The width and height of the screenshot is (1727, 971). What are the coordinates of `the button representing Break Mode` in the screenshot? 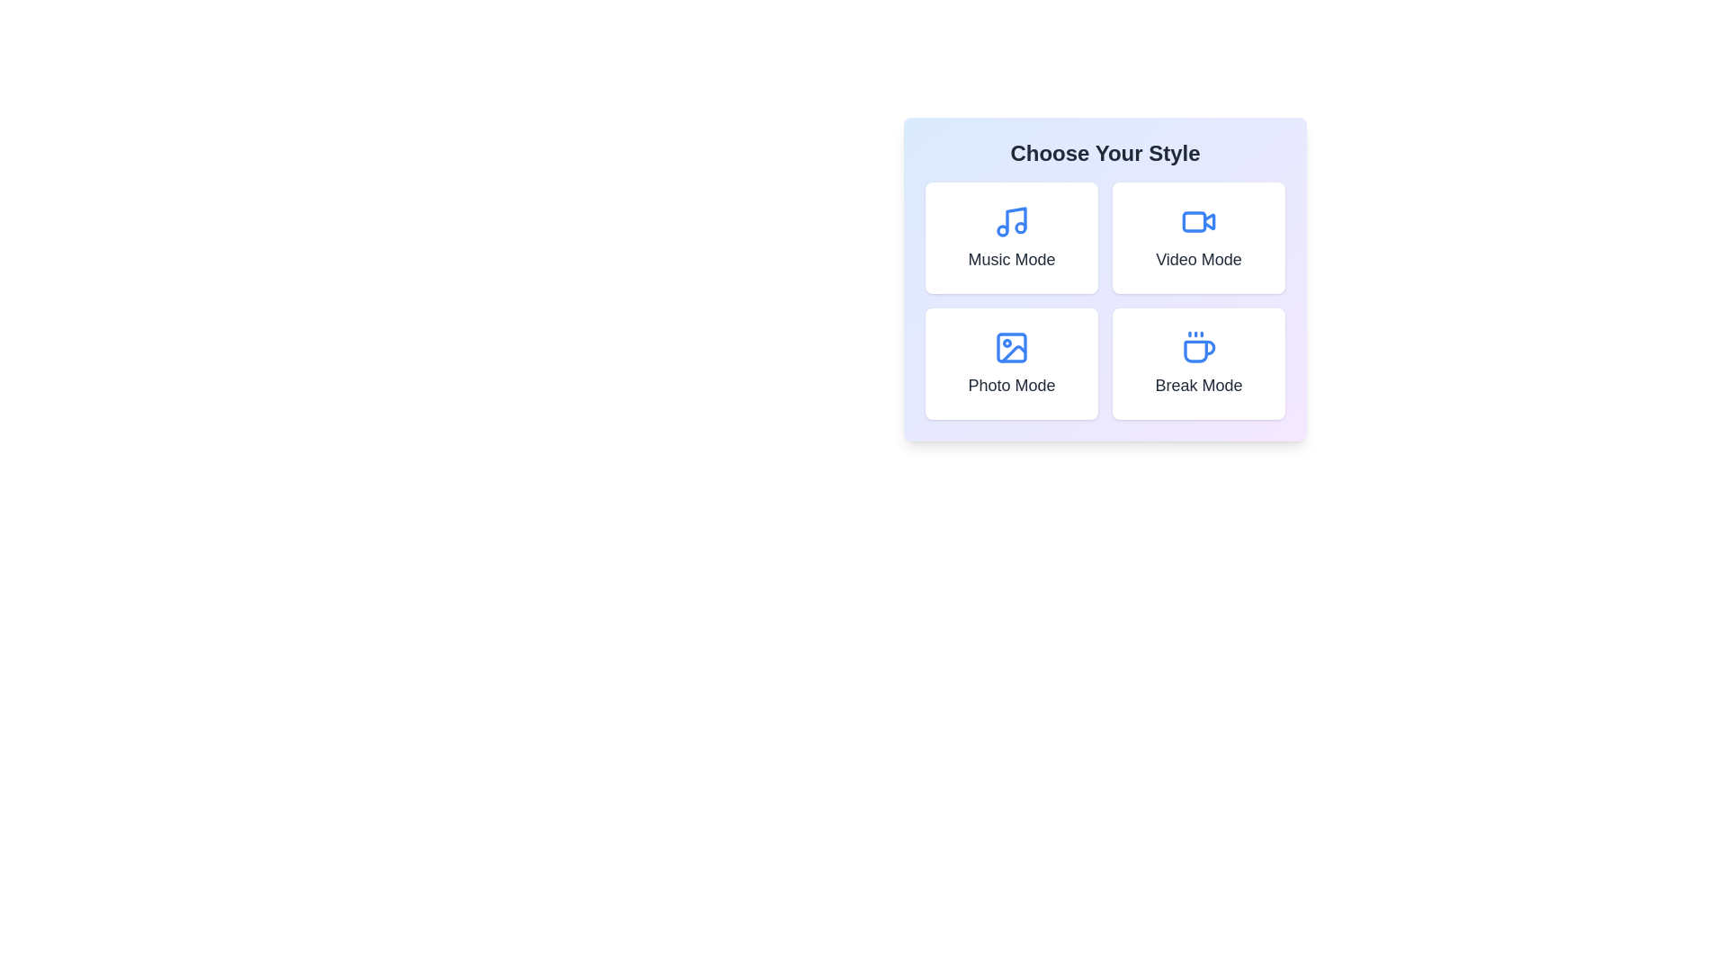 It's located at (1199, 364).